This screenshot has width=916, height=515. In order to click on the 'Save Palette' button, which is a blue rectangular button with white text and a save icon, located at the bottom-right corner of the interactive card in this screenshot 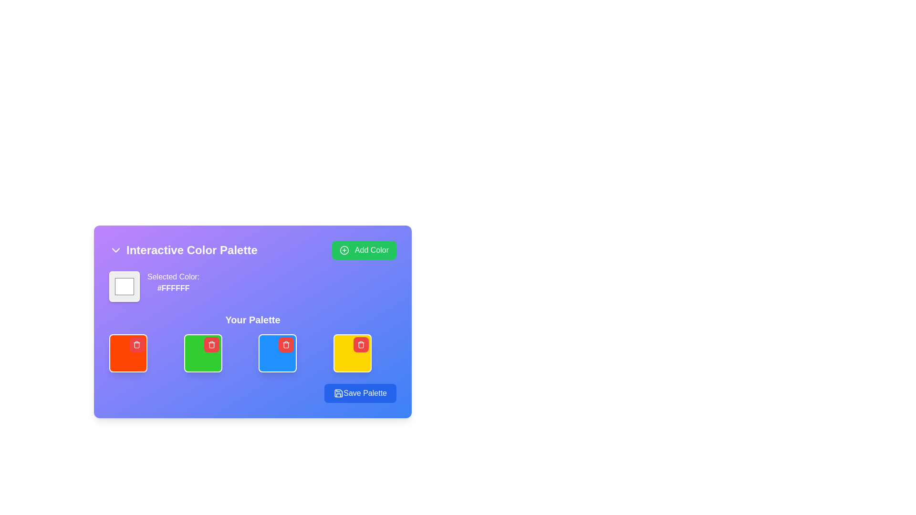, I will do `click(360, 393)`.